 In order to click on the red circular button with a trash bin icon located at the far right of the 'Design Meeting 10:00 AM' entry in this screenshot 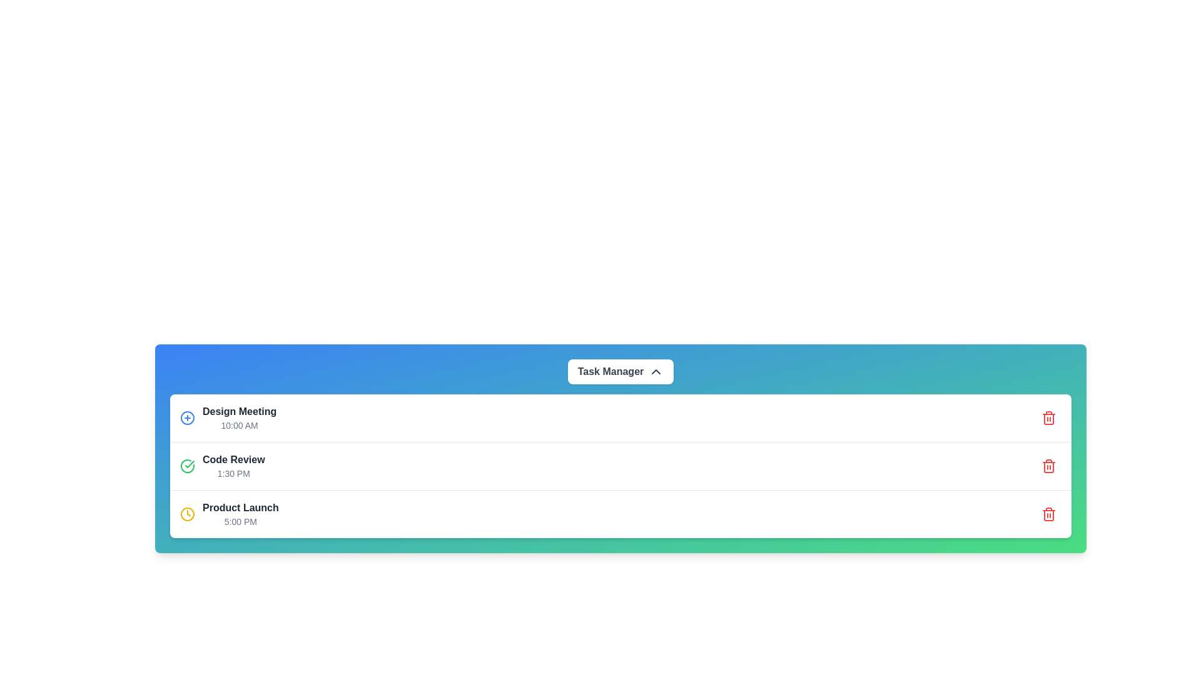, I will do `click(1048, 417)`.